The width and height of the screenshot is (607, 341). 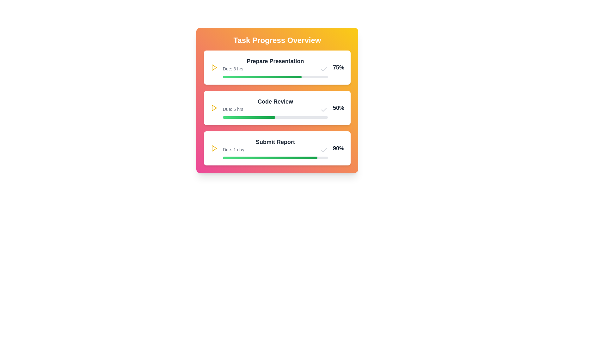 I want to click on the triangular play icon with a yellow outline located to the left of the 'Submit Report' text in the third item of the vertical list, so click(x=214, y=148).